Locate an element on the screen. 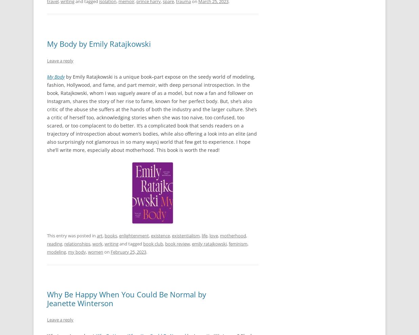 The height and width of the screenshot is (335, 419). 'life' is located at coordinates (204, 235).